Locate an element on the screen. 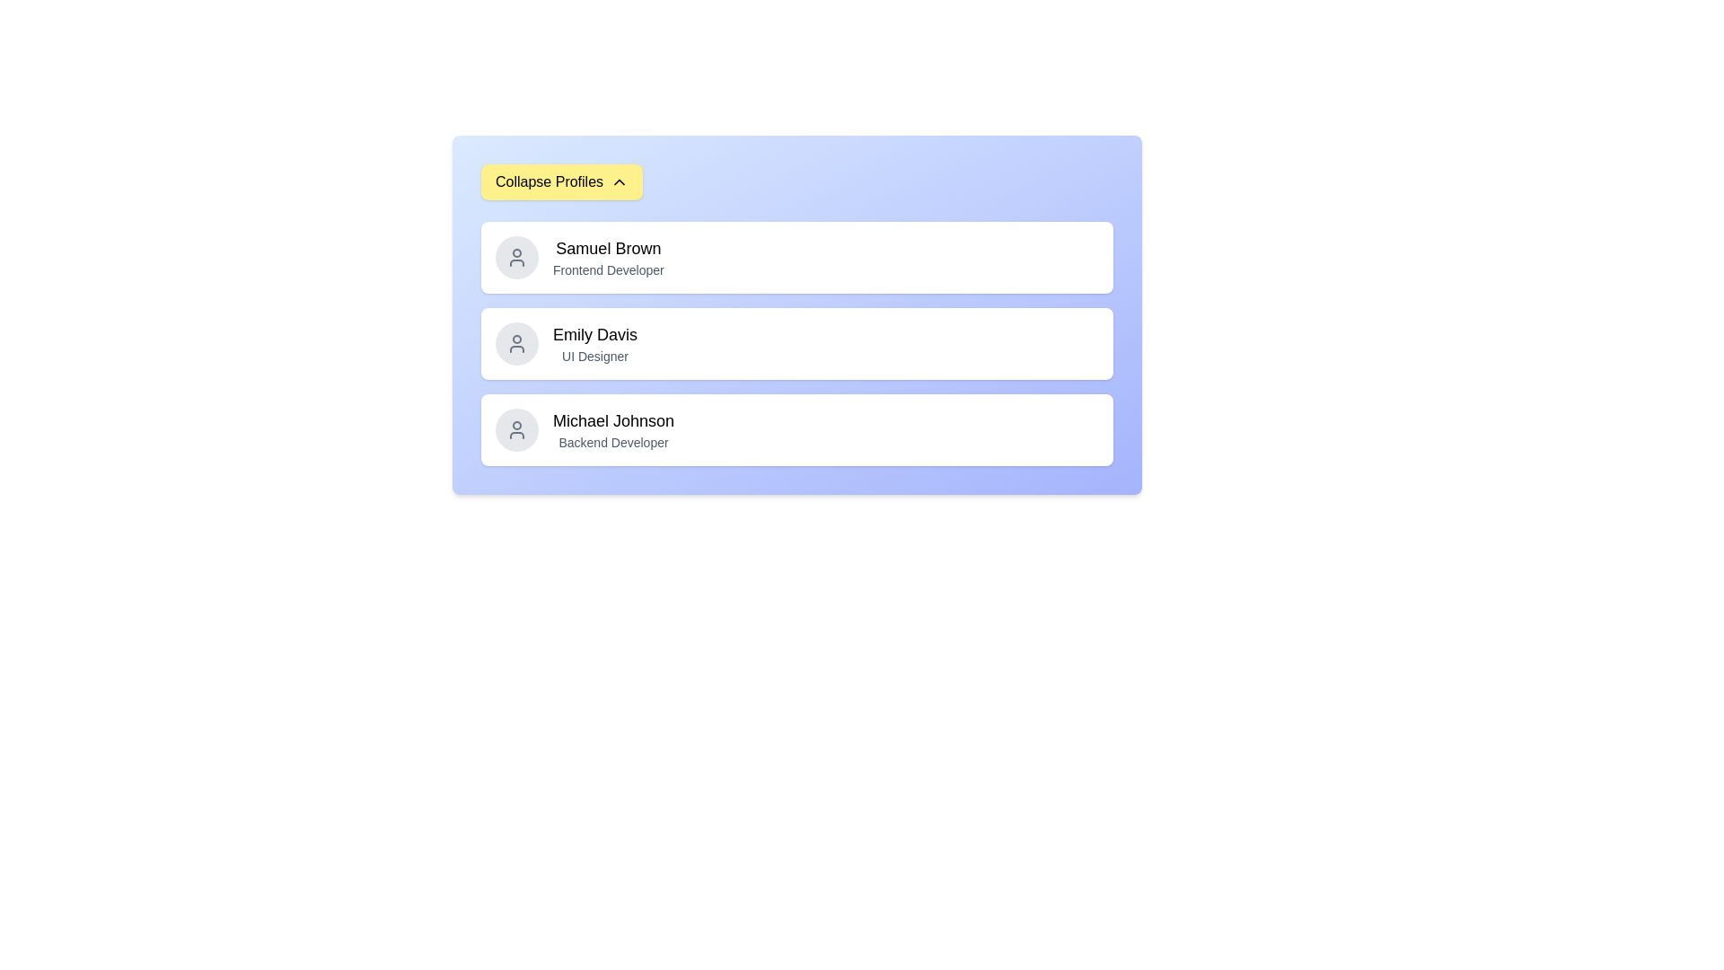  the user profile icon within the light-gray circular background, located to the left of the name 'Samuel Brown - Frontend Developer' is located at coordinates (516, 257).